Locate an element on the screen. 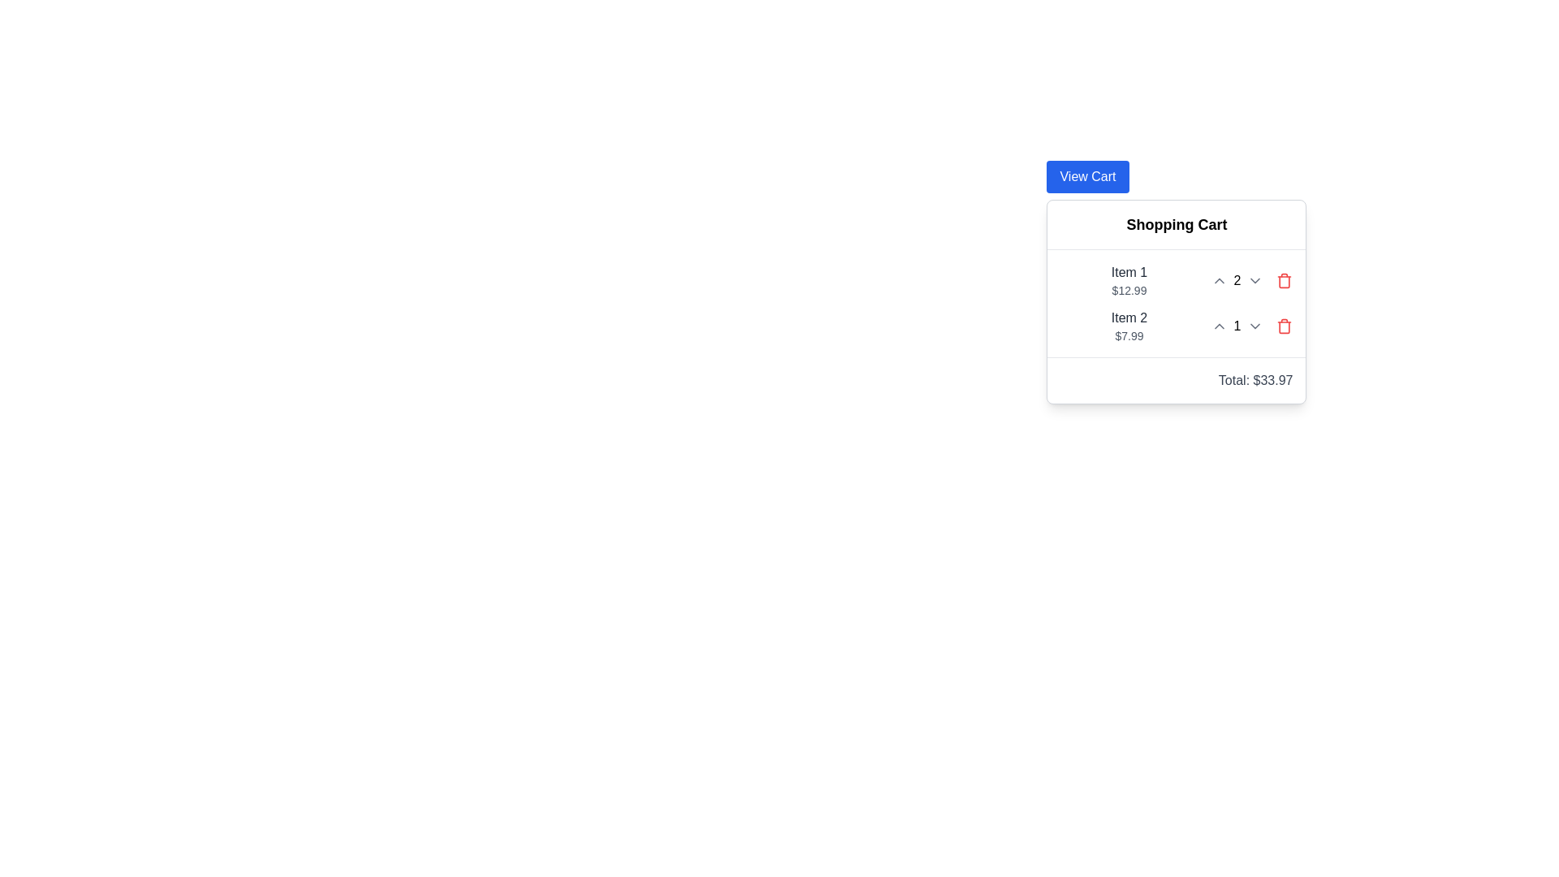  the numeric display for 'Item 1' in the shopping cart interface to highlight or interact with it if interactive functionality exists is located at coordinates (1237, 280).